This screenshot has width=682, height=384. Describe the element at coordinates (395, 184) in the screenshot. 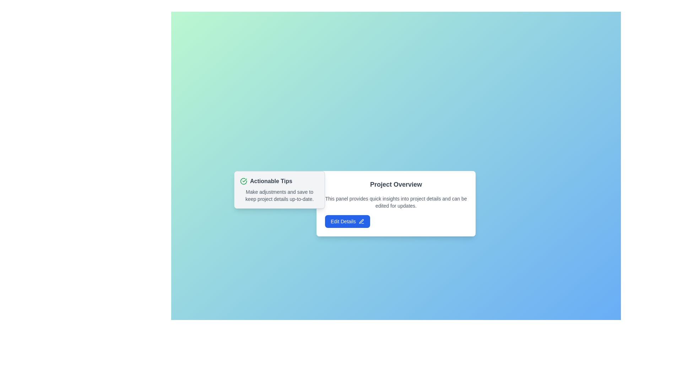

I see `the prominent text header that reads 'Project Overview', which is bold and dark gray, located at the top of a white rectangular card with rounded corners` at that location.